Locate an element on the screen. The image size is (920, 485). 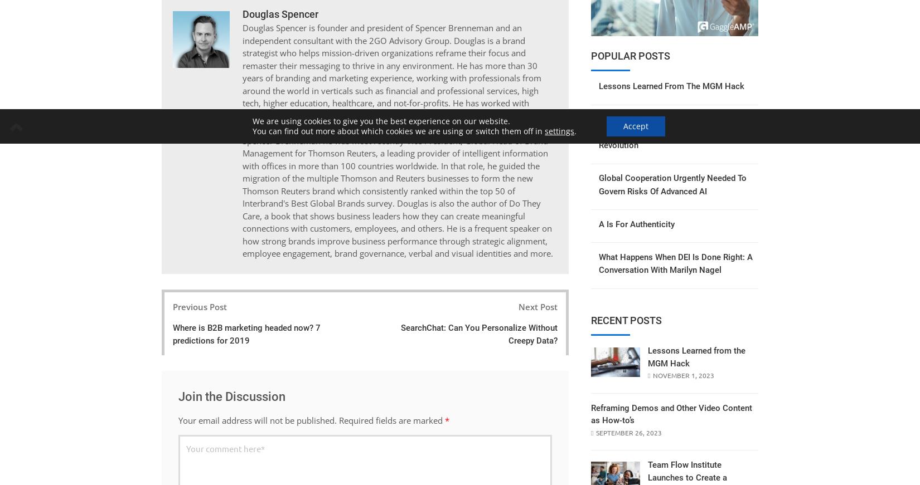
'Required fields are marked' is located at coordinates (391, 420).